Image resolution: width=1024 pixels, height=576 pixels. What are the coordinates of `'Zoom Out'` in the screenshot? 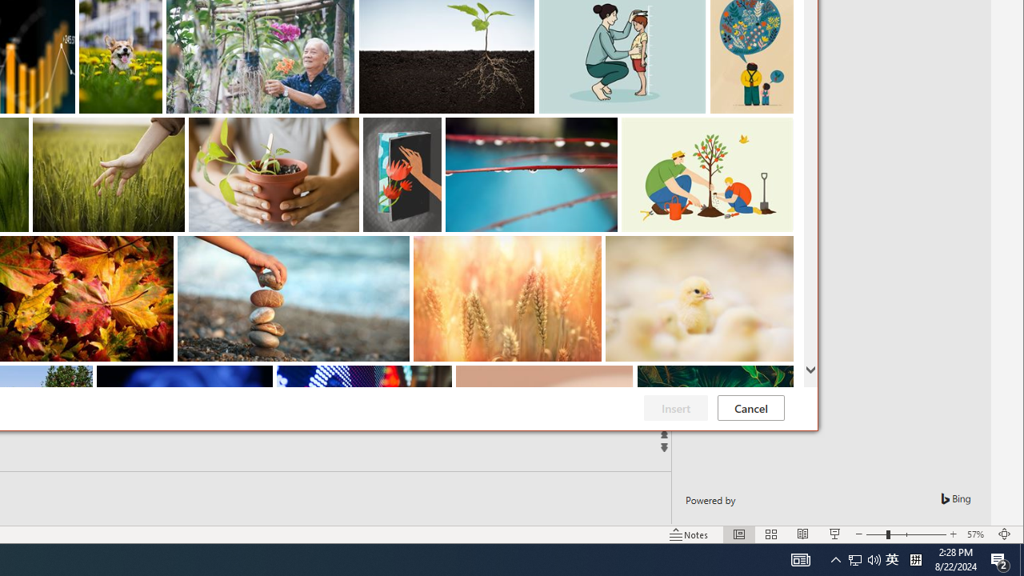 It's located at (875, 534).